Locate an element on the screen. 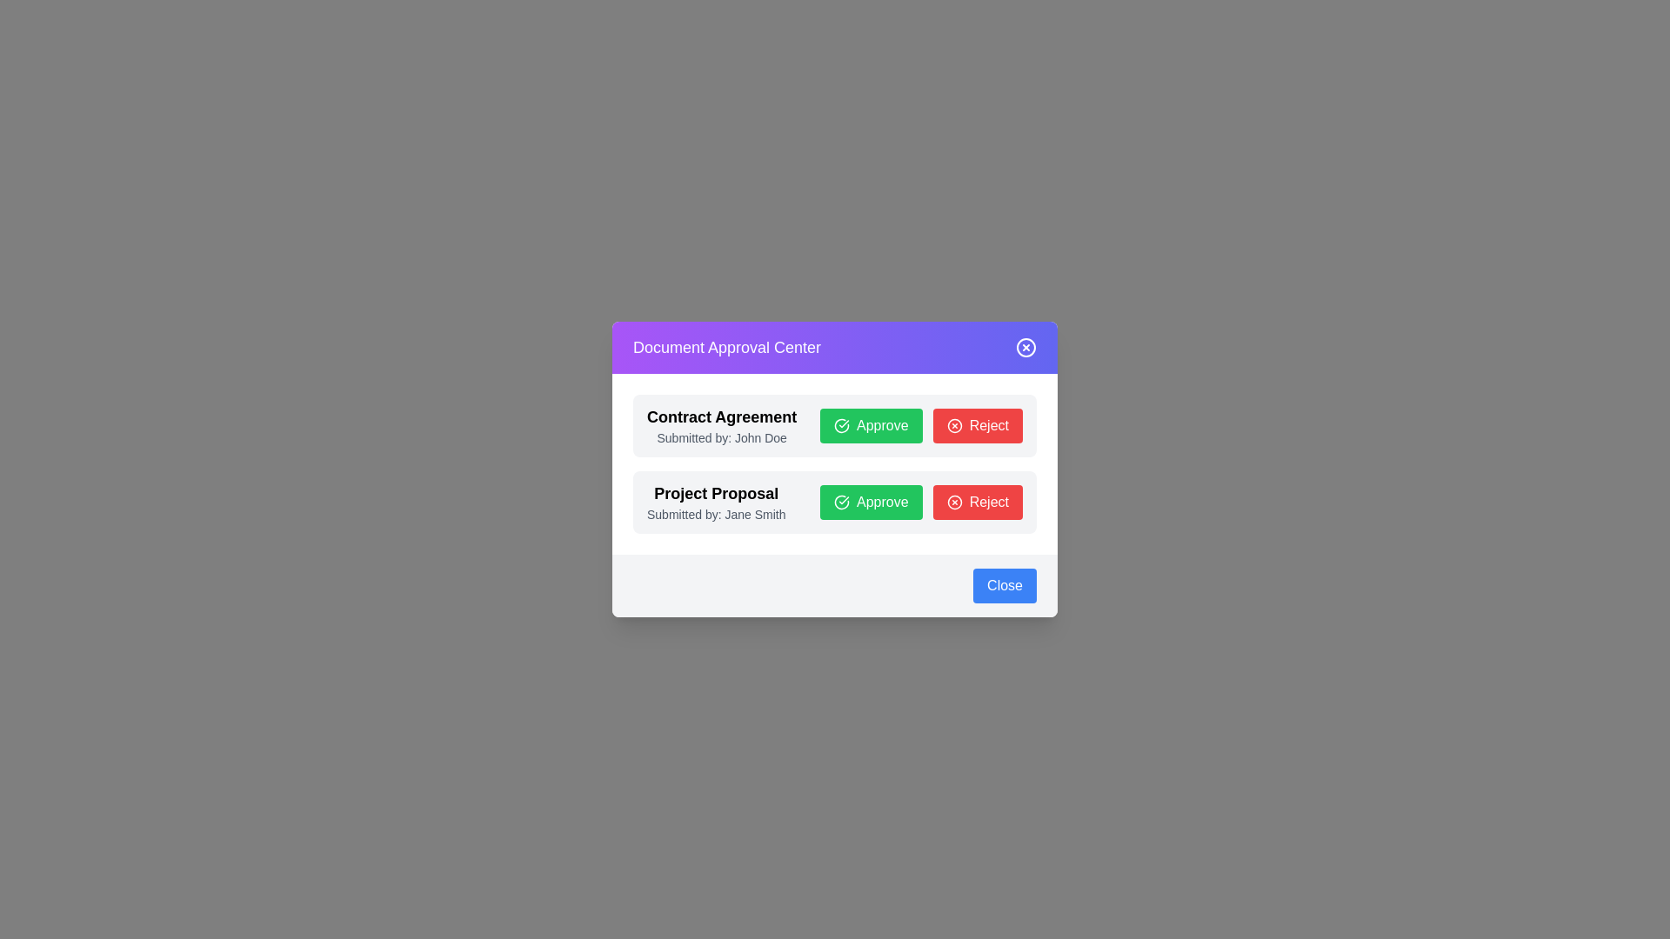  text information from the Label that describes the proposal details, which is located in the second item of a list-like structure in the center of the modal window is located at coordinates (716, 503).